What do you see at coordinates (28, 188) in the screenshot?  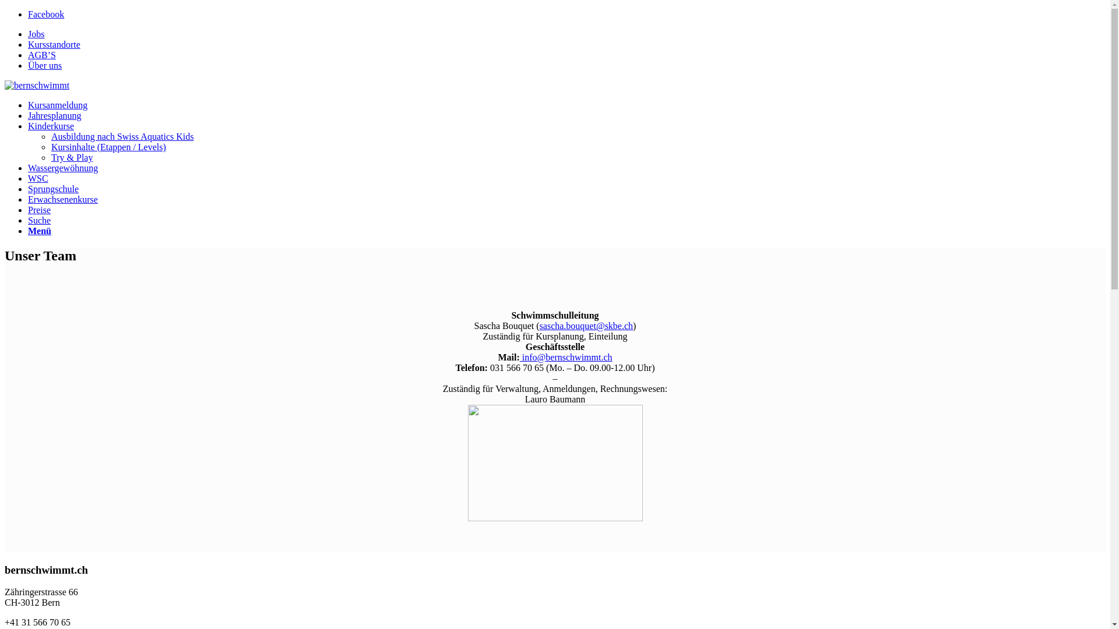 I see `'Sprungschule'` at bounding box center [28, 188].